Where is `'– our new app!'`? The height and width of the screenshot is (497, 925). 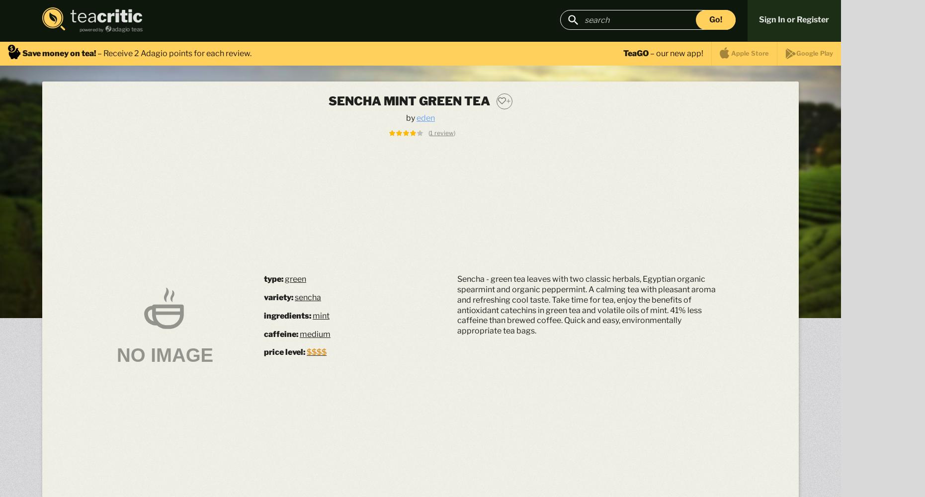 '– our new app!' is located at coordinates (675, 52).